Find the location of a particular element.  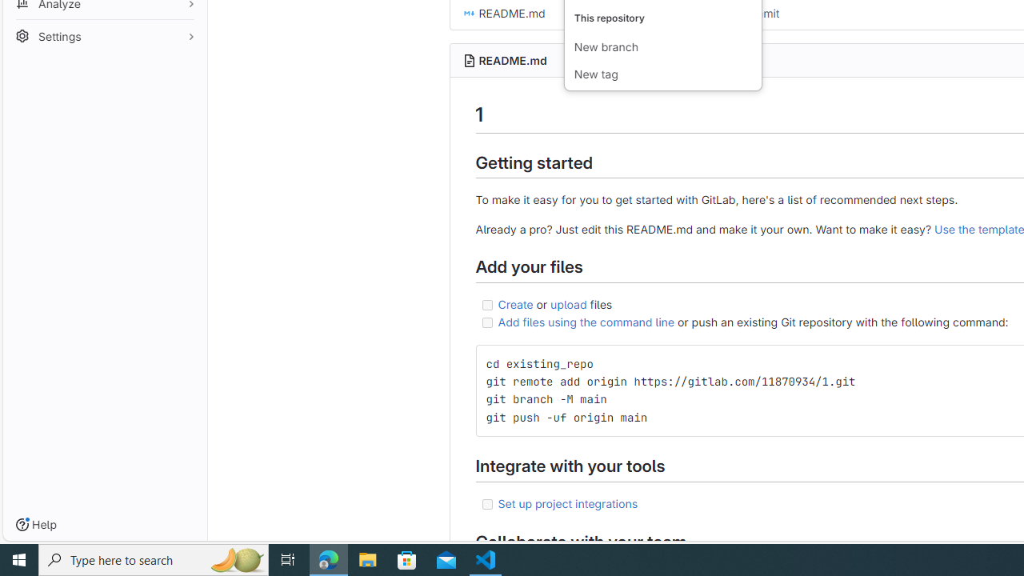

'Initial commit' is located at coordinates (743, 13).